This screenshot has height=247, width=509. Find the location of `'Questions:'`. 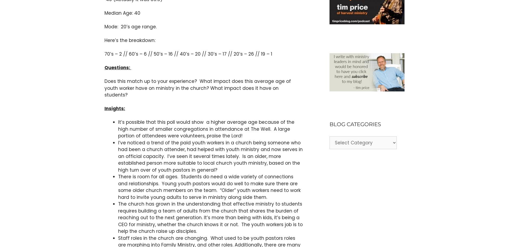

'Questions:' is located at coordinates (104, 67).